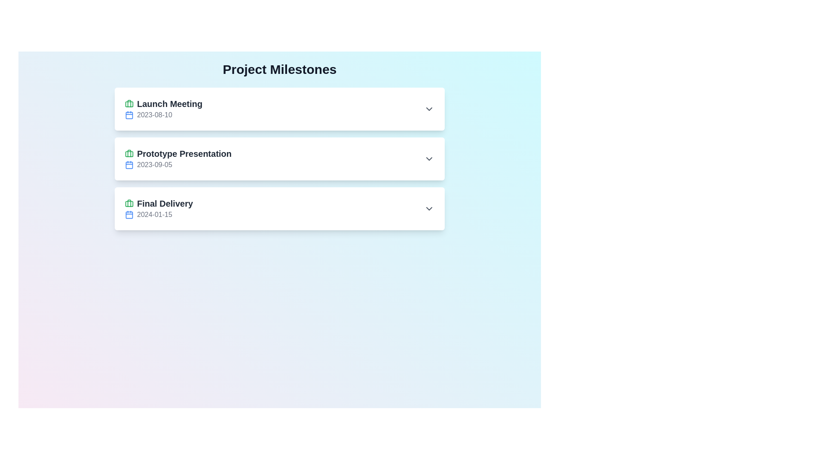  What do you see at coordinates (129, 114) in the screenshot?
I see `the decorative calendar icon located to the left of the date '2023-08-10' and beneath the label 'Launch Meeting' in the 'Project Milestones' section` at bounding box center [129, 114].